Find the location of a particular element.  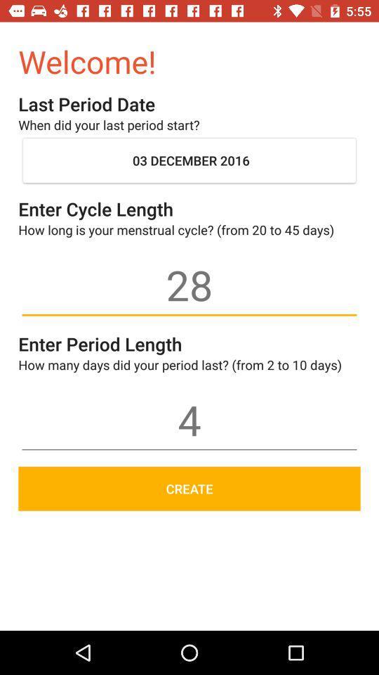

the icon above enter period length item is located at coordinates (189, 284).